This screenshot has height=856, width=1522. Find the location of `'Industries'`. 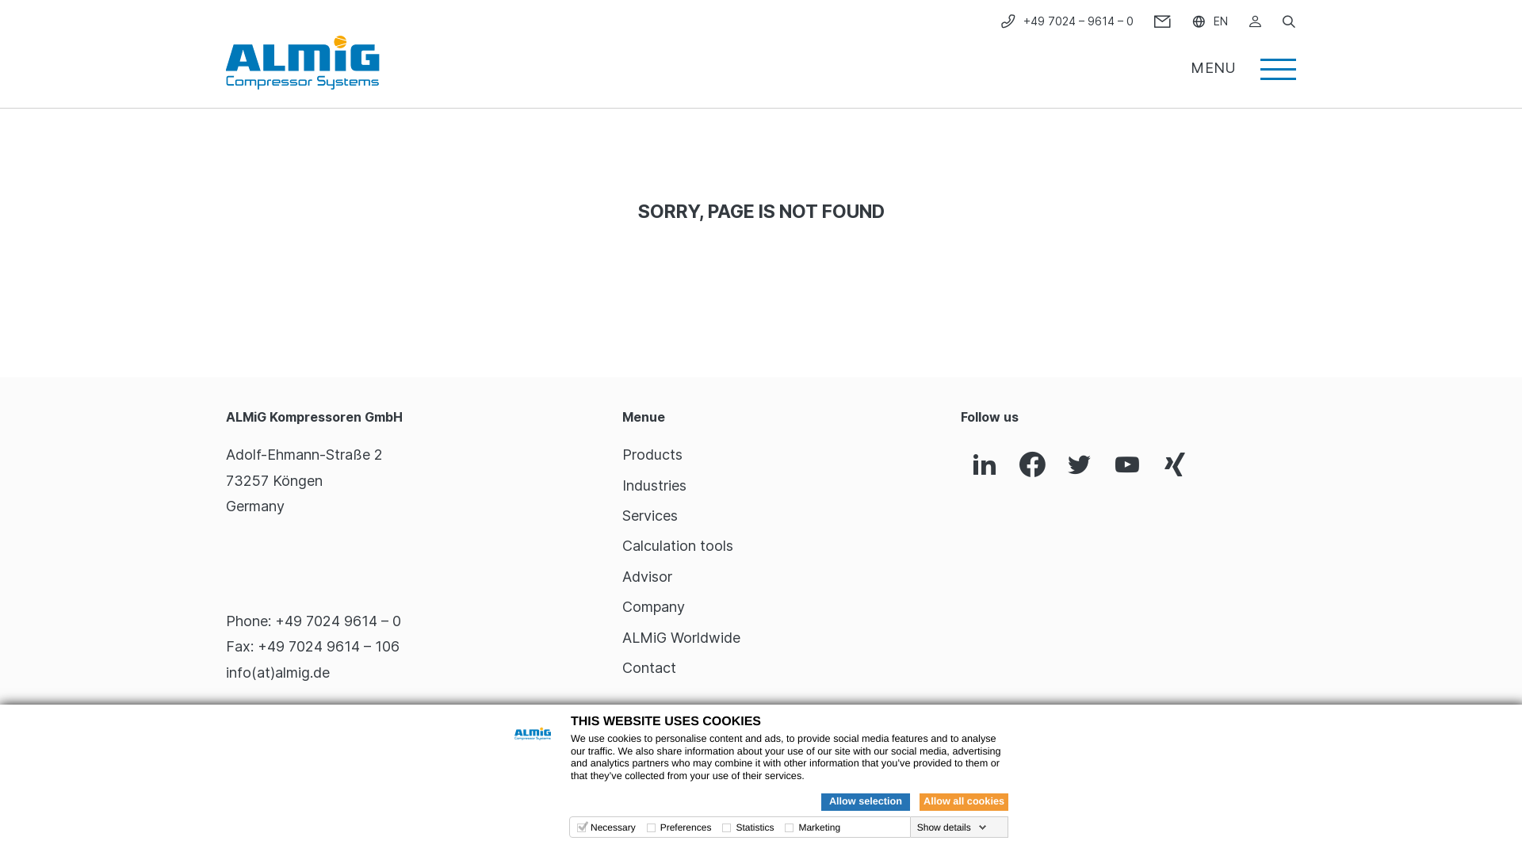

'Industries' is located at coordinates (654, 484).